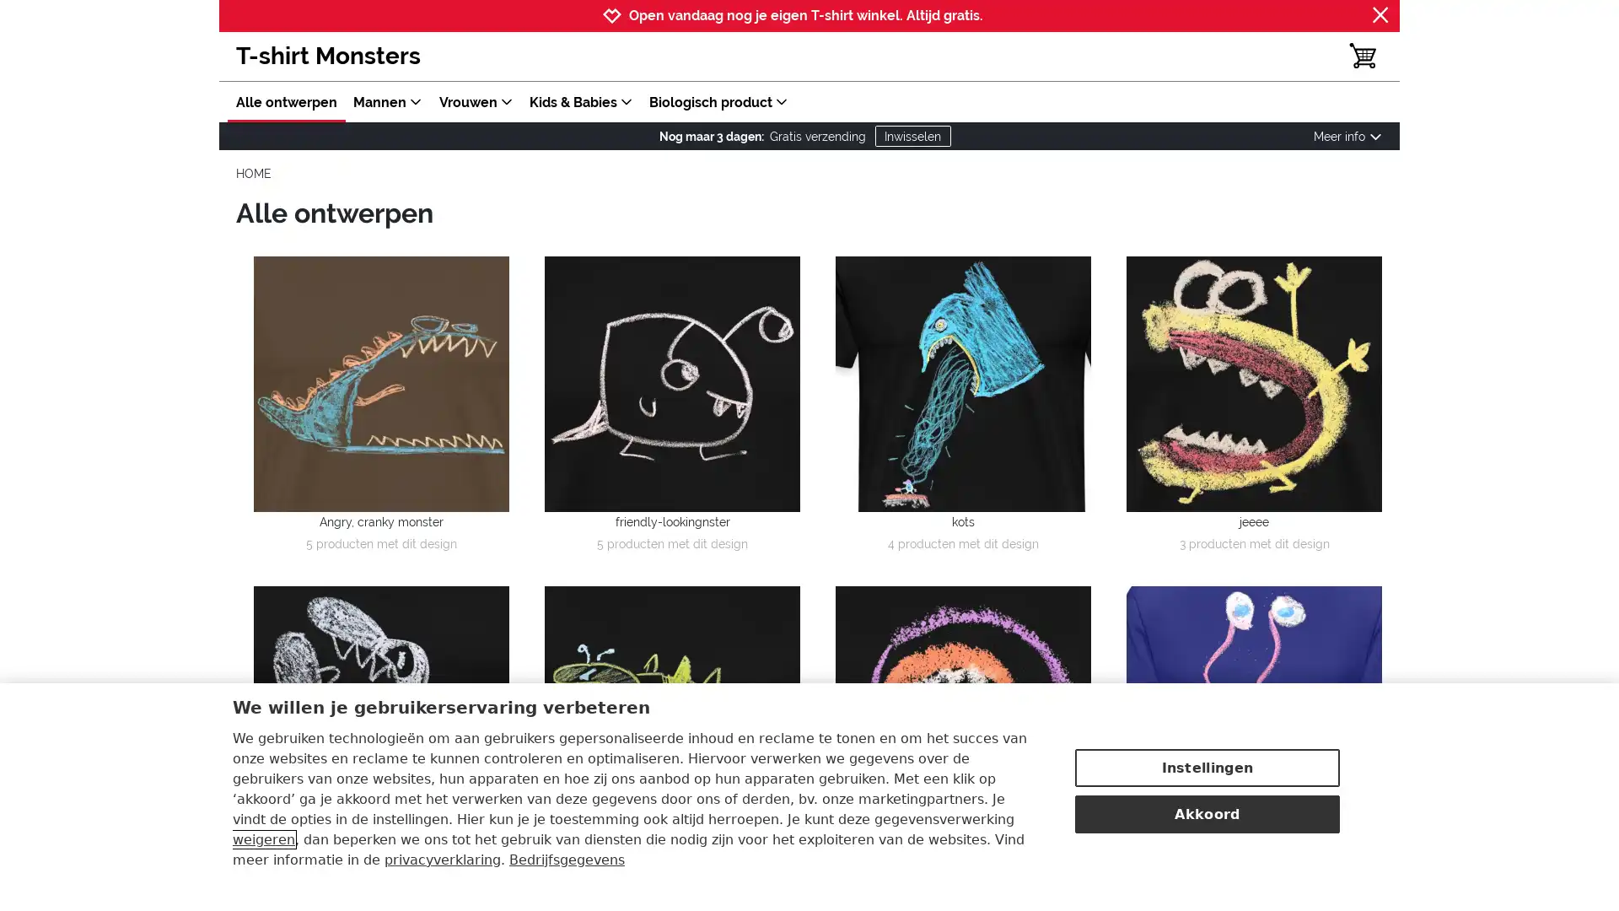  What do you see at coordinates (380, 383) in the screenshot?
I see `Angry, cranky monster - Mannen Premium T-shirt` at bounding box center [380, 383].